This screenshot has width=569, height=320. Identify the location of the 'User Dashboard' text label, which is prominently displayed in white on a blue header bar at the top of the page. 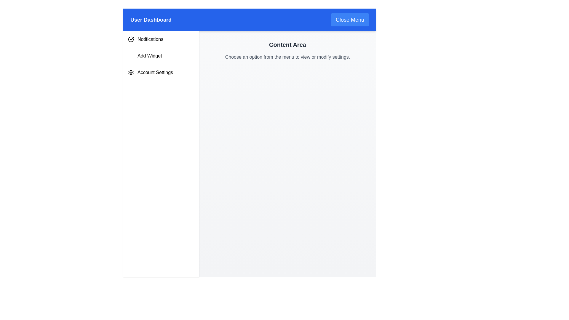
(151, 19).